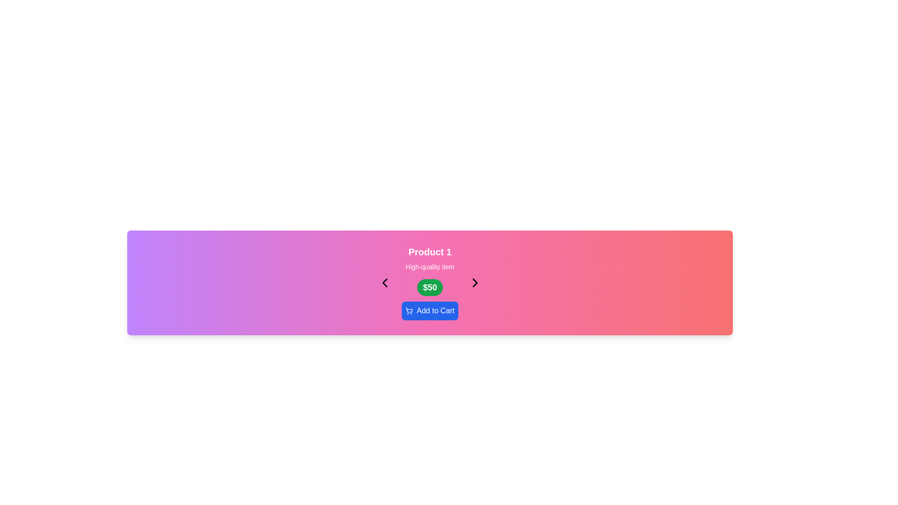  I want to click on text content of the 'Add to Cart' button, which is styled with padding and rounded corners and located to the right of a shopping cart icon, so click(435, 310).